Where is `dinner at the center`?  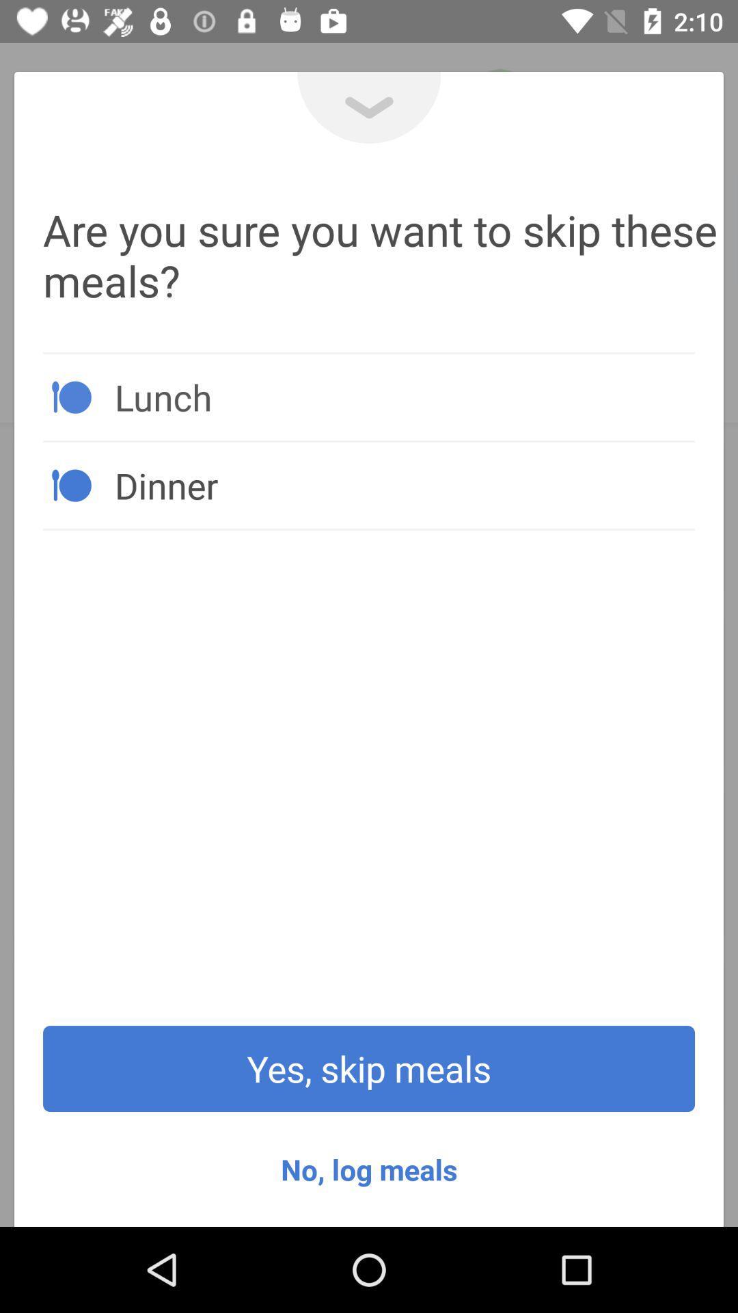
dinner at the center is located at coordinates (404, 485).